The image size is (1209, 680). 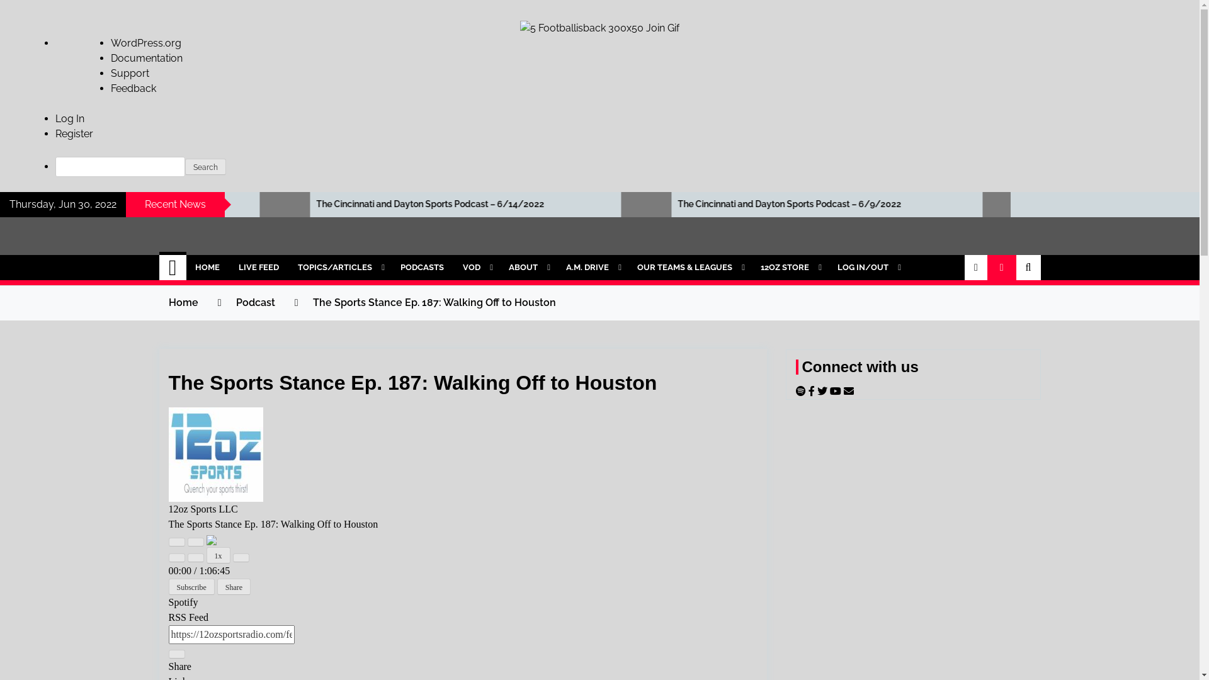 What do you see at coordinates (254, 302) in the screenshot?
I see `'Podcast'` at bounding box center [254, 302].